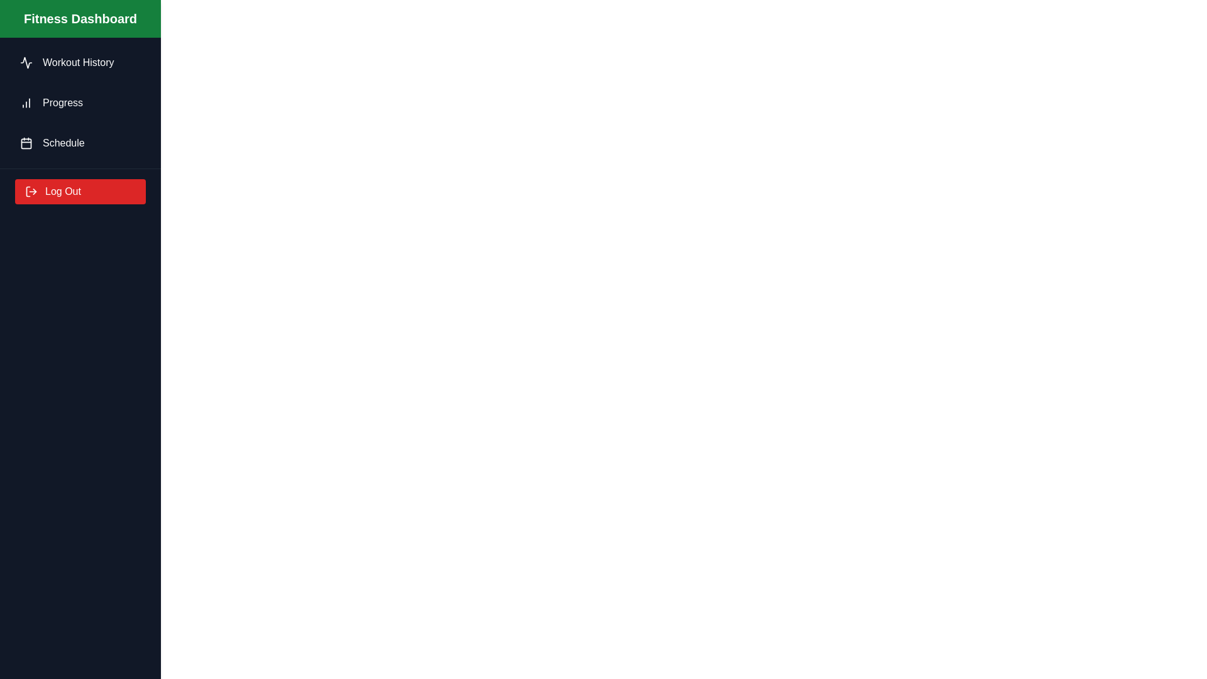 The height and width of the screenshot is (679, 1207). What do you see at coordinates (80, 191) in the screenshot?
I see `the prominent red 'Log Out' button located at the bottom of the sidebar to log out` at bounding box center [80, 191].